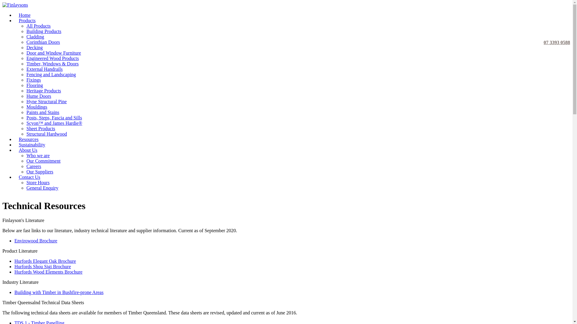 This screenshot has height=324, width=577. What do you see at coordinates (38, 155) in the screenshot?
I see `'Who we are'` at bounding box center [38, 155].